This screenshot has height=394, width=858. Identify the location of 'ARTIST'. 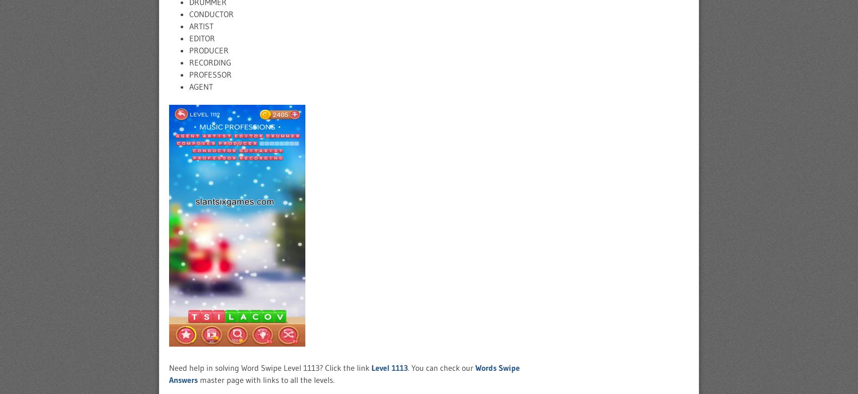
(200, 26).